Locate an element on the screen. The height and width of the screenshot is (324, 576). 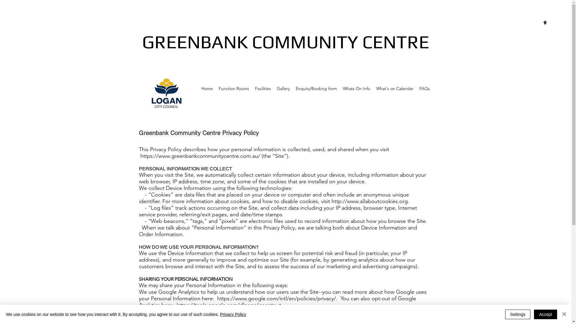
'Enquiry/Booking form' is located at coordinates (316, 88).